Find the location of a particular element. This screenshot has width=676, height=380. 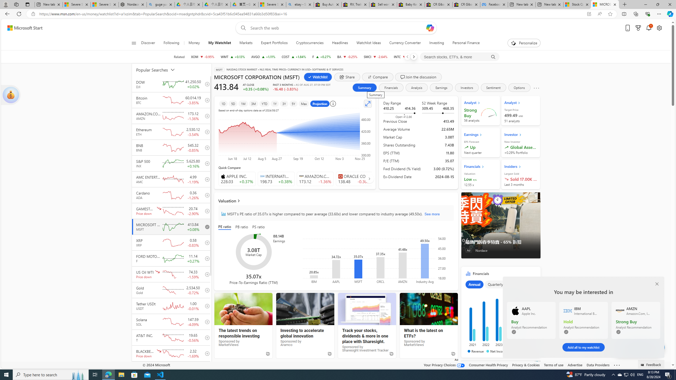

'Investing' is located at coordinates (436, 43).